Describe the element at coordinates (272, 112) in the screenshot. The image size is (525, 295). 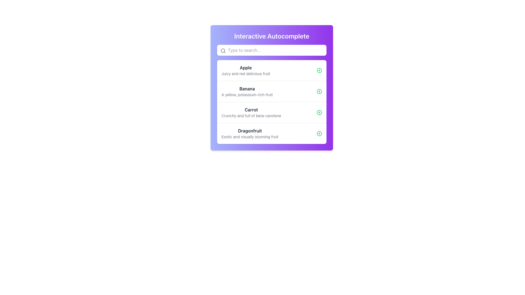
I see `the 'Carrot' item in the interactive list by tapping on the text to add it to the cart` at that location.